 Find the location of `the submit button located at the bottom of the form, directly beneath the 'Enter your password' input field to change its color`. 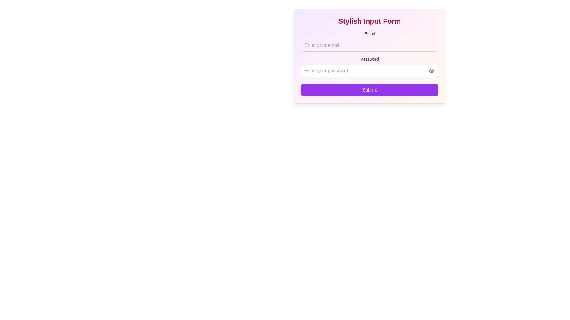

the submit button located at the bottom of the form, directly beneath the 'Enter your password' input field to change its color is located at coordinates (369, 90).